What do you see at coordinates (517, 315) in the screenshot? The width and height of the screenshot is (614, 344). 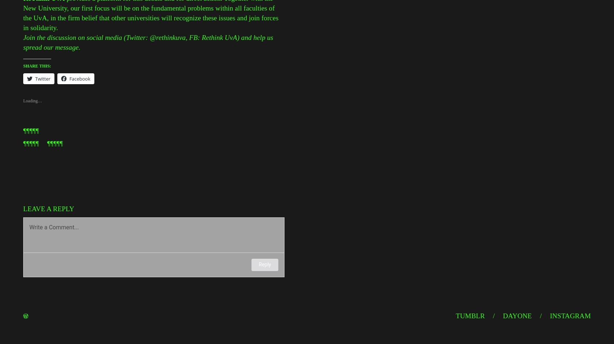 I see `'DayOne'` at bounding box center [517, 315].